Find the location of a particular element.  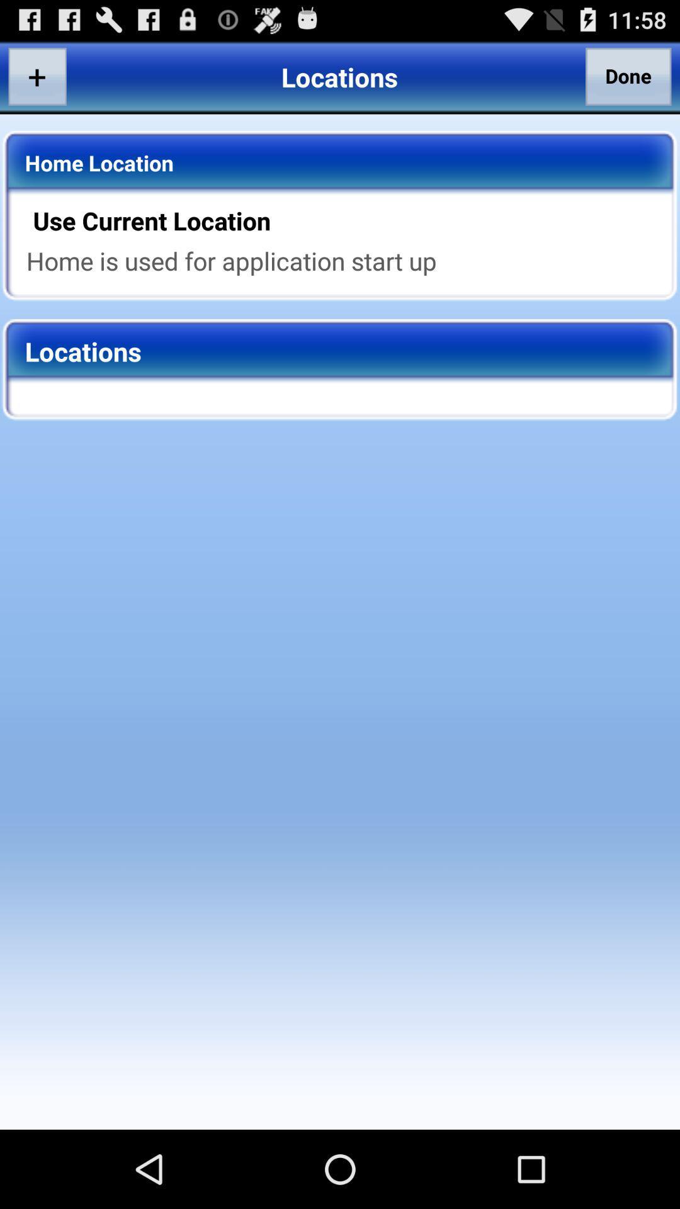

done icon is located at coordinates (628, 76).